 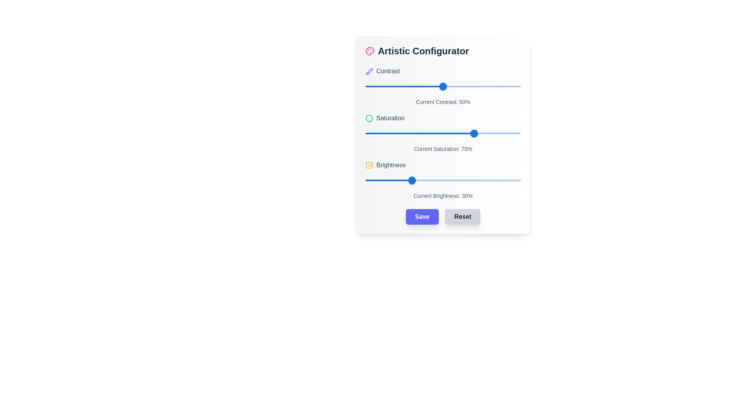 What do you see at coordinates (443, 133) in the screenshot?
I see `the blue thumb marker of the saturation slider, currently set` at bounding box center [443, 133].